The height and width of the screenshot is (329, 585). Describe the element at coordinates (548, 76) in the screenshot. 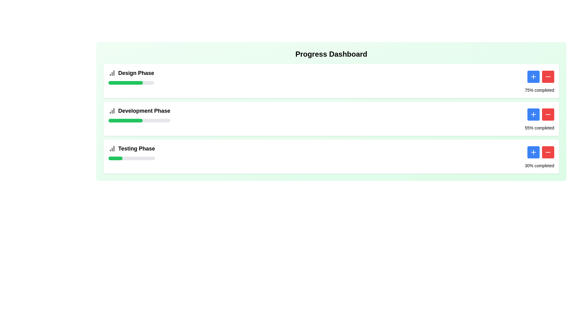

I see `the red button with a minus icon, which is the second button in the pair located in the 'Design Phase' section of the progress dashboard, to observe its hover effect` at that location.